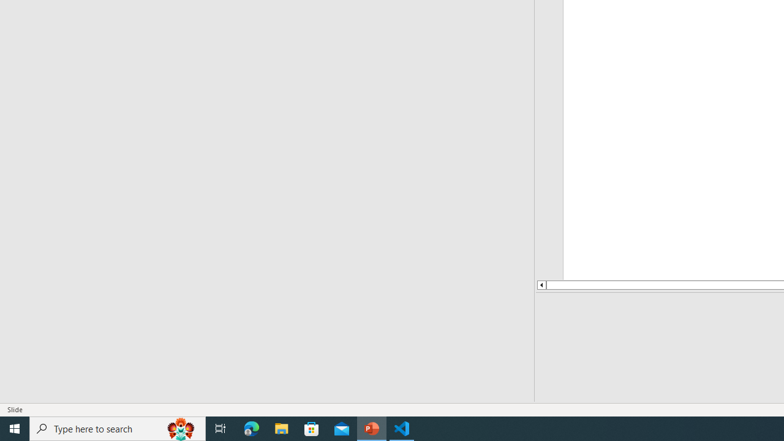 The image size is (784, 441). I want to click on 'PowerPoint - 1 running window', so click(371, 428).